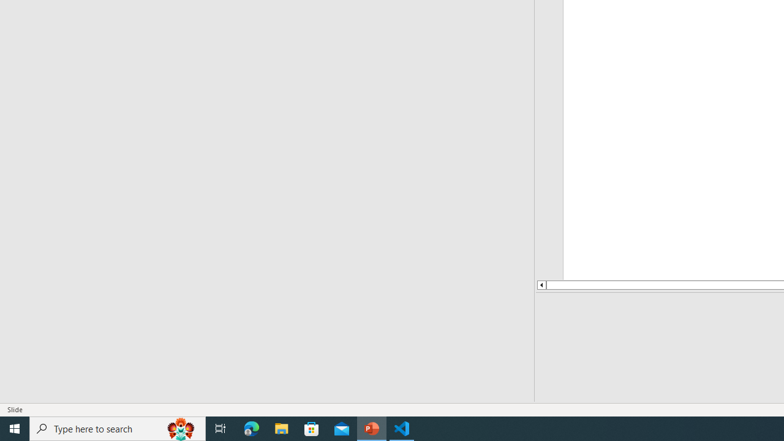 The image size is (784, 441). I want to click on 'PowerPoint - 1 running window', so click(371, 428).